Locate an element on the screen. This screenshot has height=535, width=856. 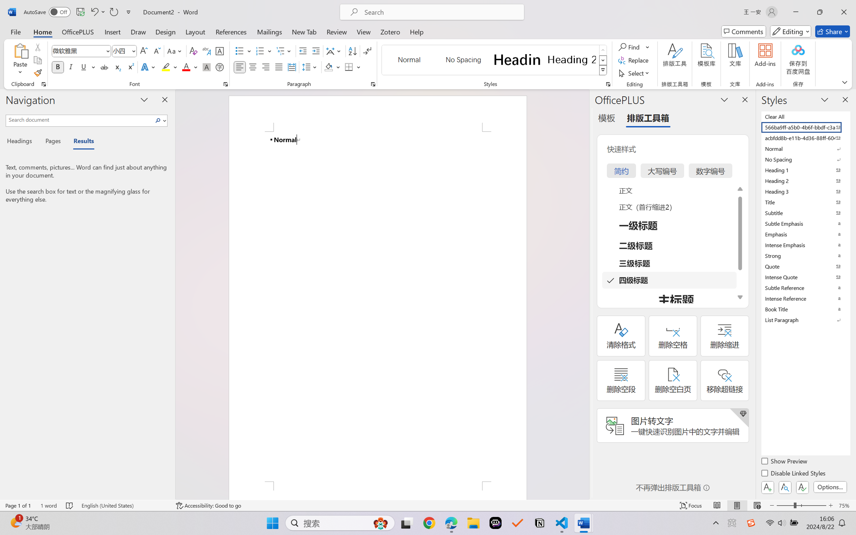
'Clear Formatting' is located at coordinates (193, 51).